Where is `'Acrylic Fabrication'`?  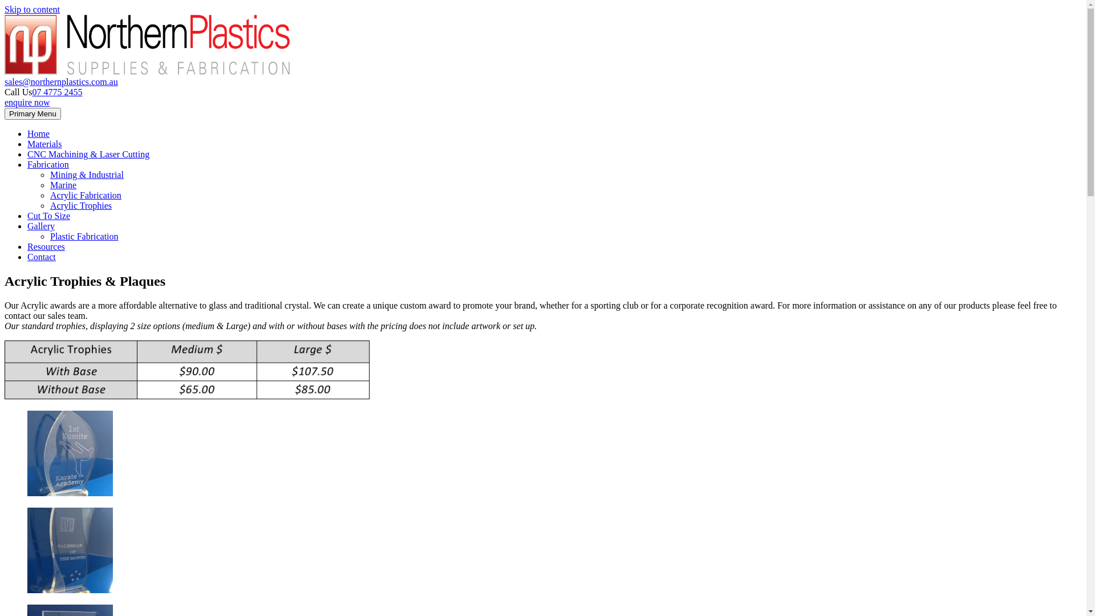
'Acrylic Fabrication' is located at coordinates (85, 194).